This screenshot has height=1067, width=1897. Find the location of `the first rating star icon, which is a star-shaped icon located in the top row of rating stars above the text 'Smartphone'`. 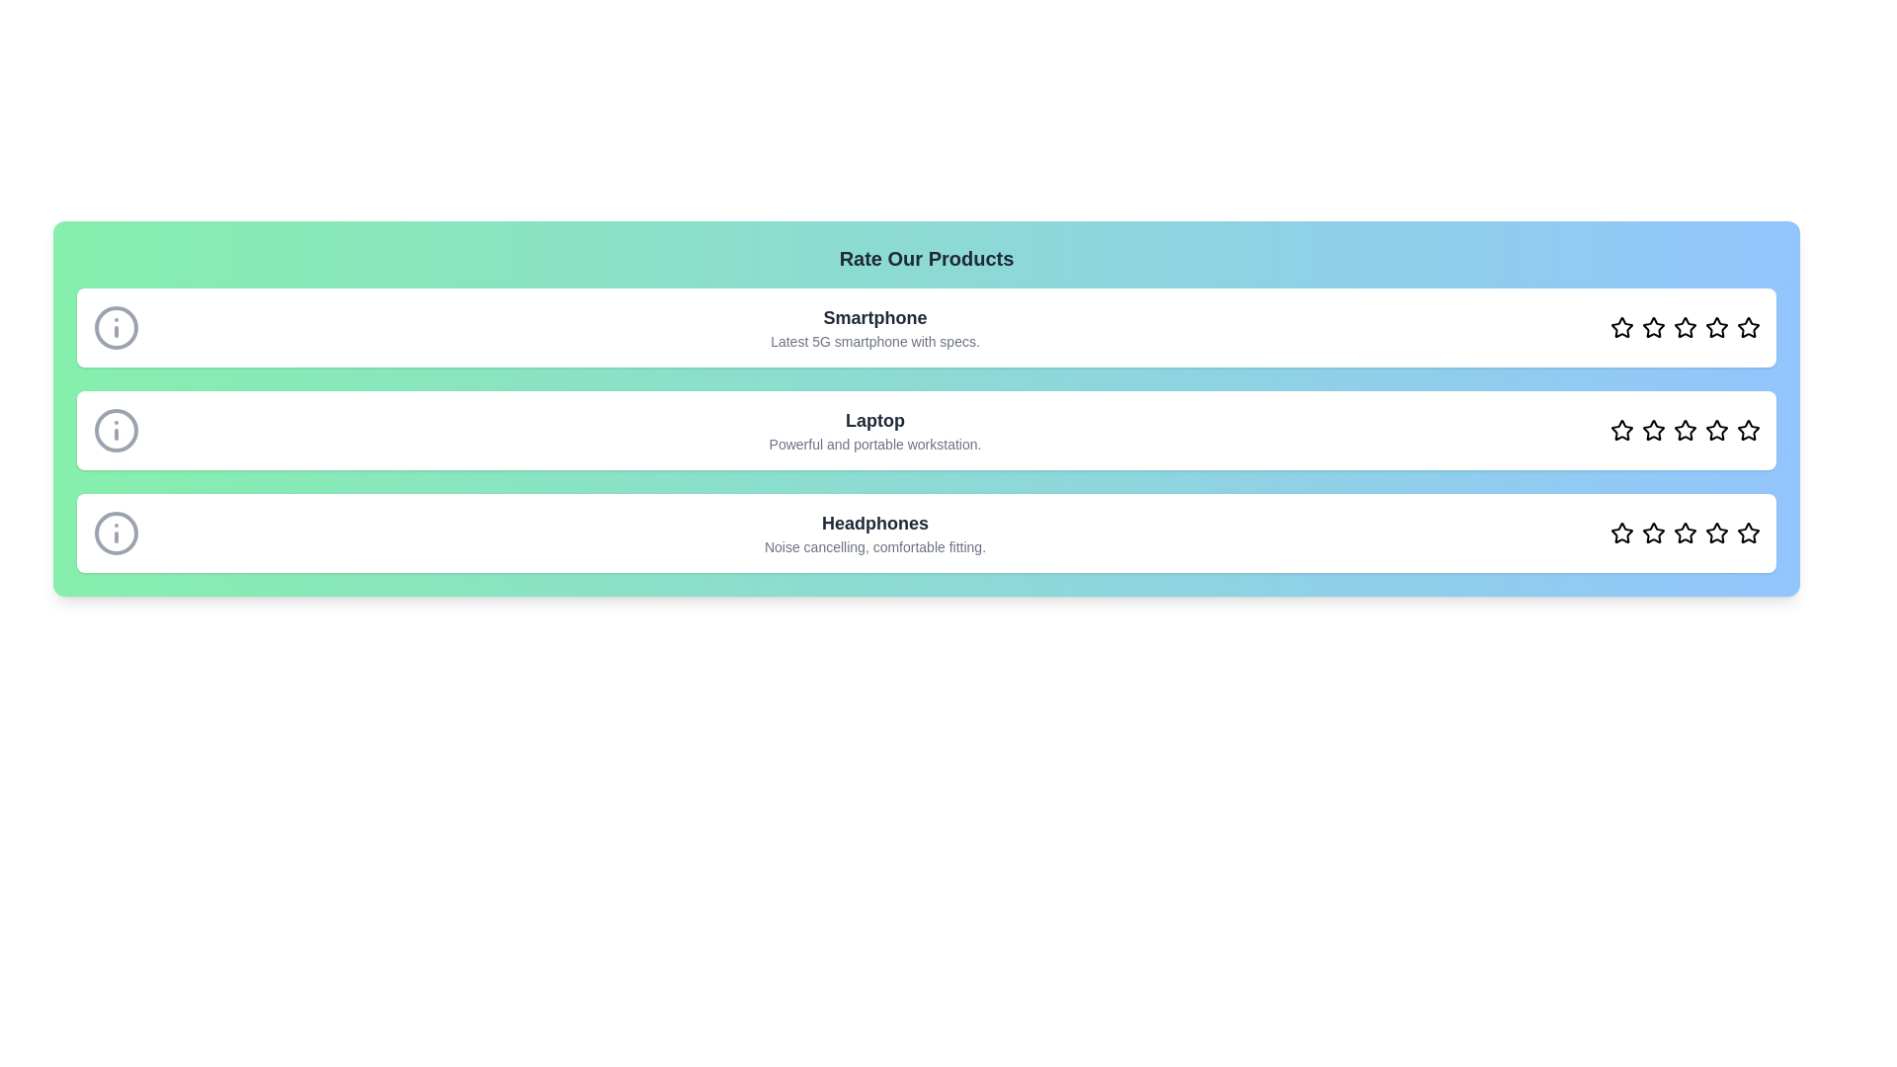

the first rating star icon, which is a star-shaped icon located in the top row of rating stars above the text 'Smartphone' is located at coordinates (1621, 326).